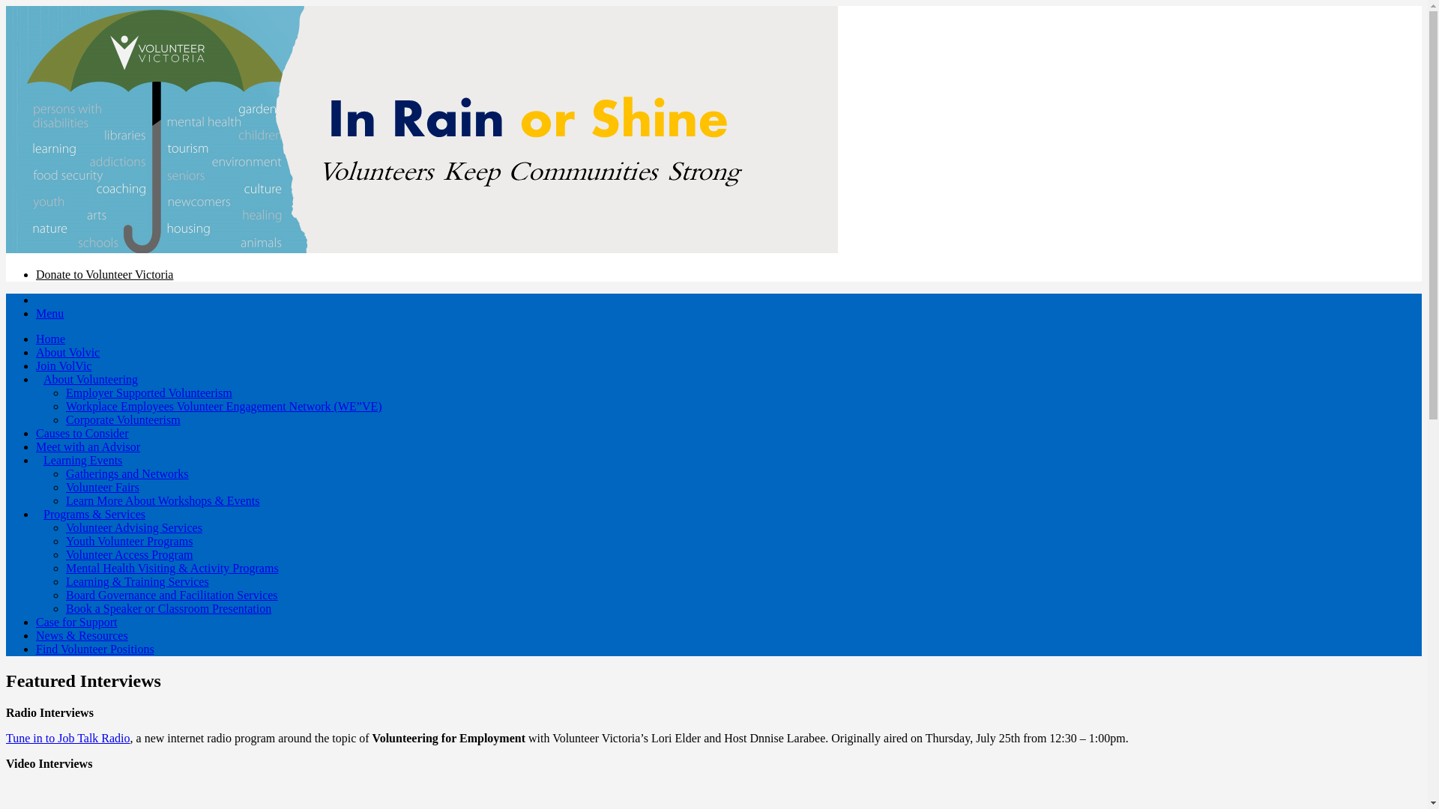  What do you see at coordinates (64, 581) in the screenshot?
I see `'Learning & Training Services'` at bounding box center [64, 581].